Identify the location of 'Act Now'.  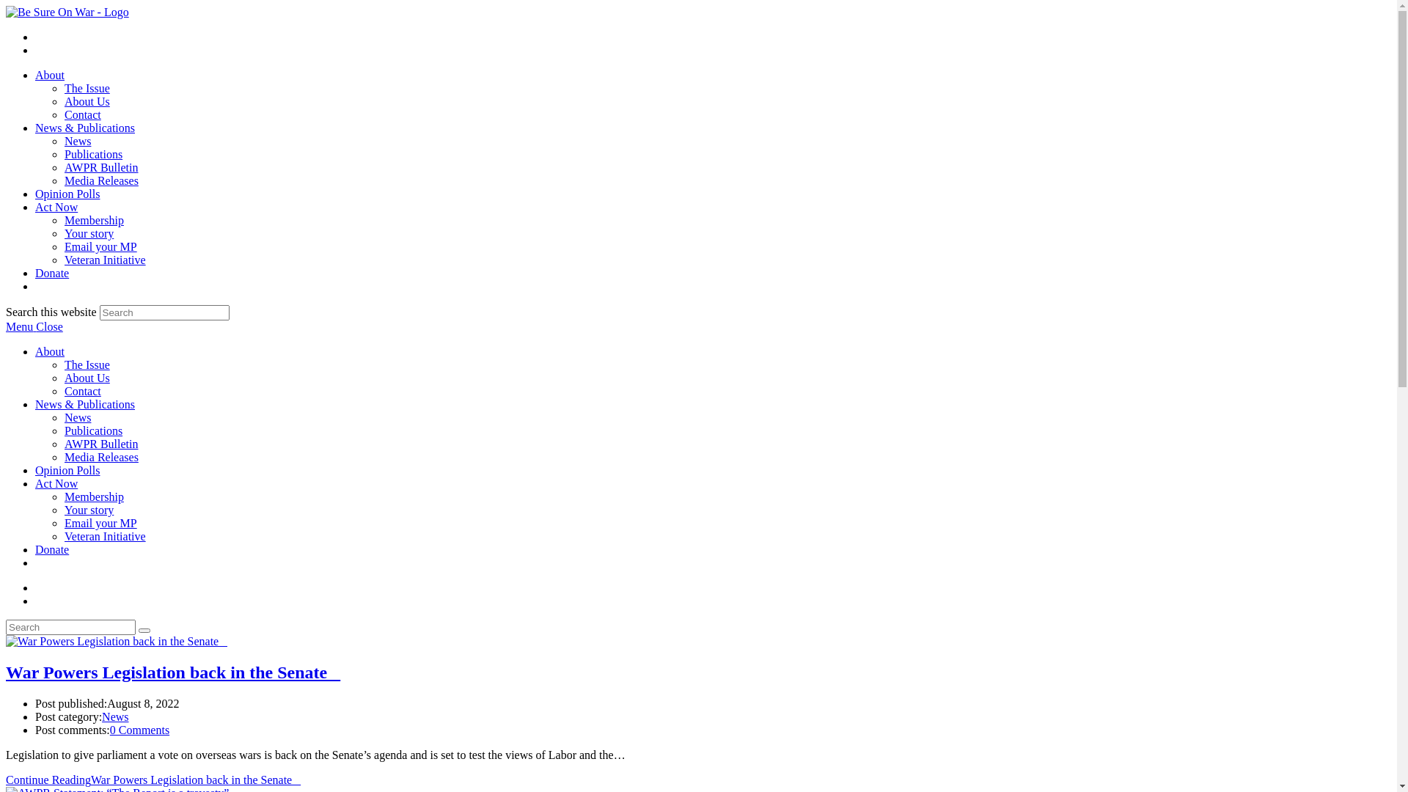
(56, 483).